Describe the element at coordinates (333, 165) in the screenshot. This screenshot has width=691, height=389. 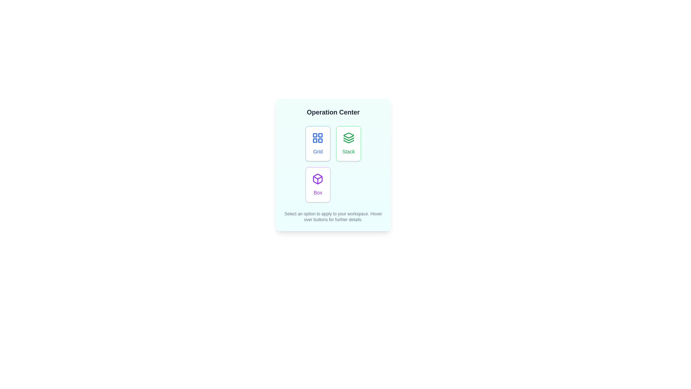
I see `the button within the dialog box` at that location.